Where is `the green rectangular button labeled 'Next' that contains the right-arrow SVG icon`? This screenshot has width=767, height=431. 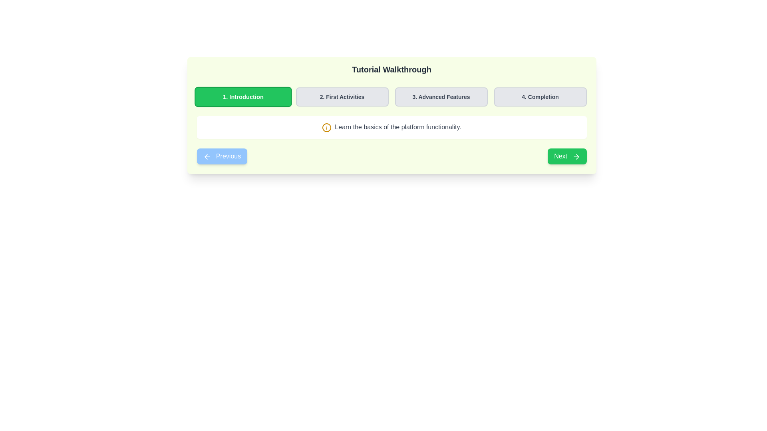
the green rectangular button labeled 'Next' that contains the right-arrow SVG icon is located at coordinates (577, 156).